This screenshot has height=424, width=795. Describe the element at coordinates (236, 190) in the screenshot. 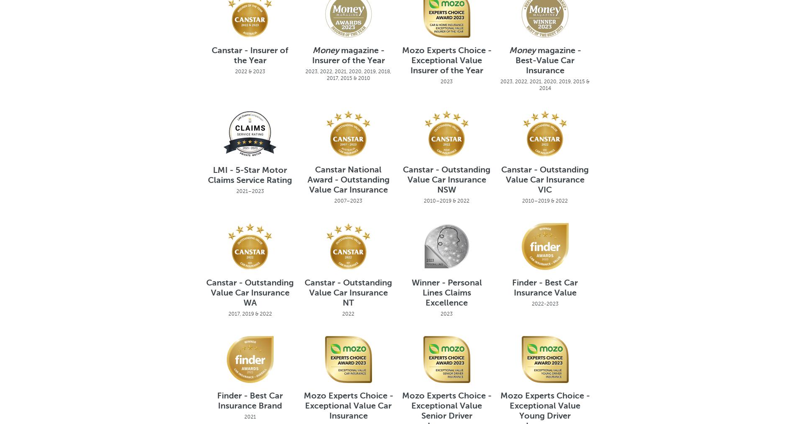

I see `'2021–2023'` at that location.